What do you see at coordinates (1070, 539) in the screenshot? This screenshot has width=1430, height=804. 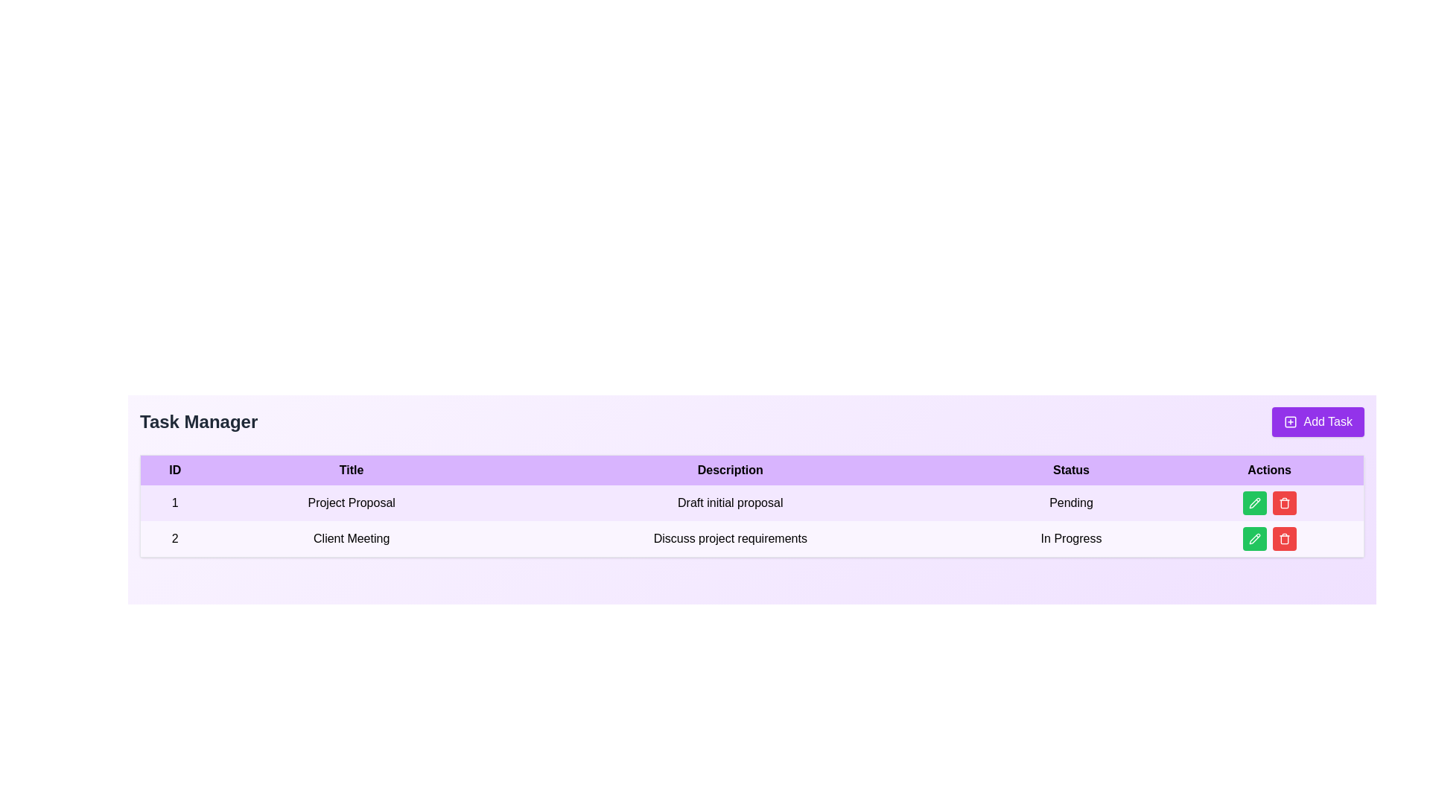 I see `the text label displaying 'In Progress' located under the 'Status' column of the task with ID 2 and title 'Client Meeting', which is positioned between the 'Description' and 'Actions' columns` at bounding box center [1070, 539].